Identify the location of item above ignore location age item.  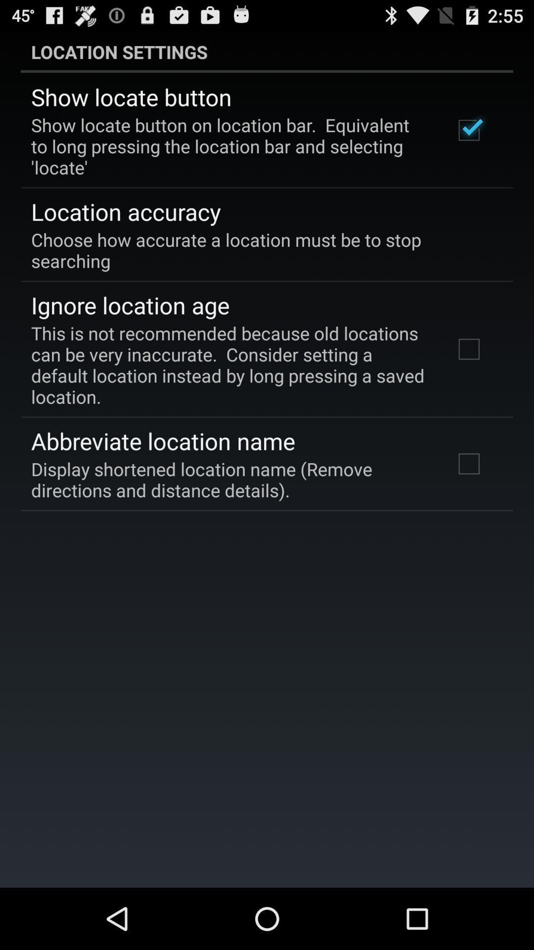
(260, 250).